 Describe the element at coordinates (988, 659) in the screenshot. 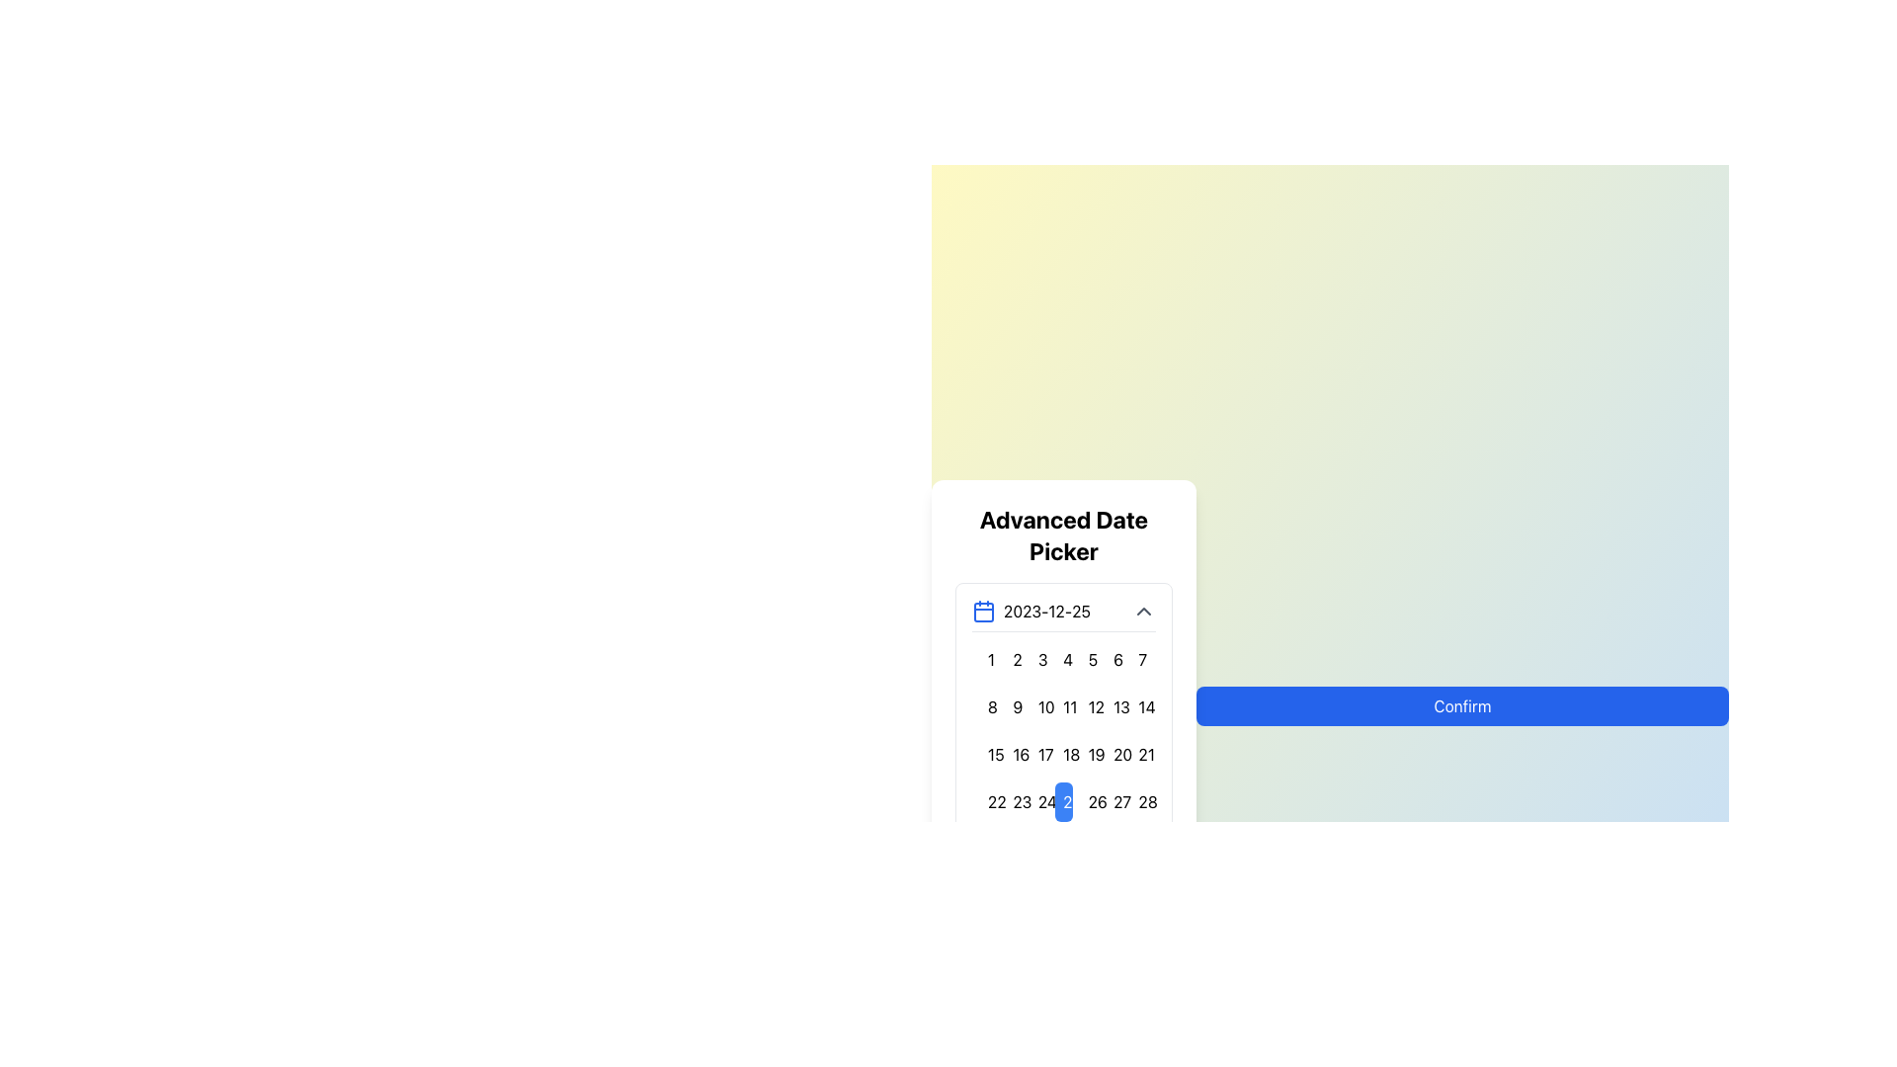

I see `the first button in the grid, which is a rectangular button with rounded corners containing the numeric text '1'` at that location.